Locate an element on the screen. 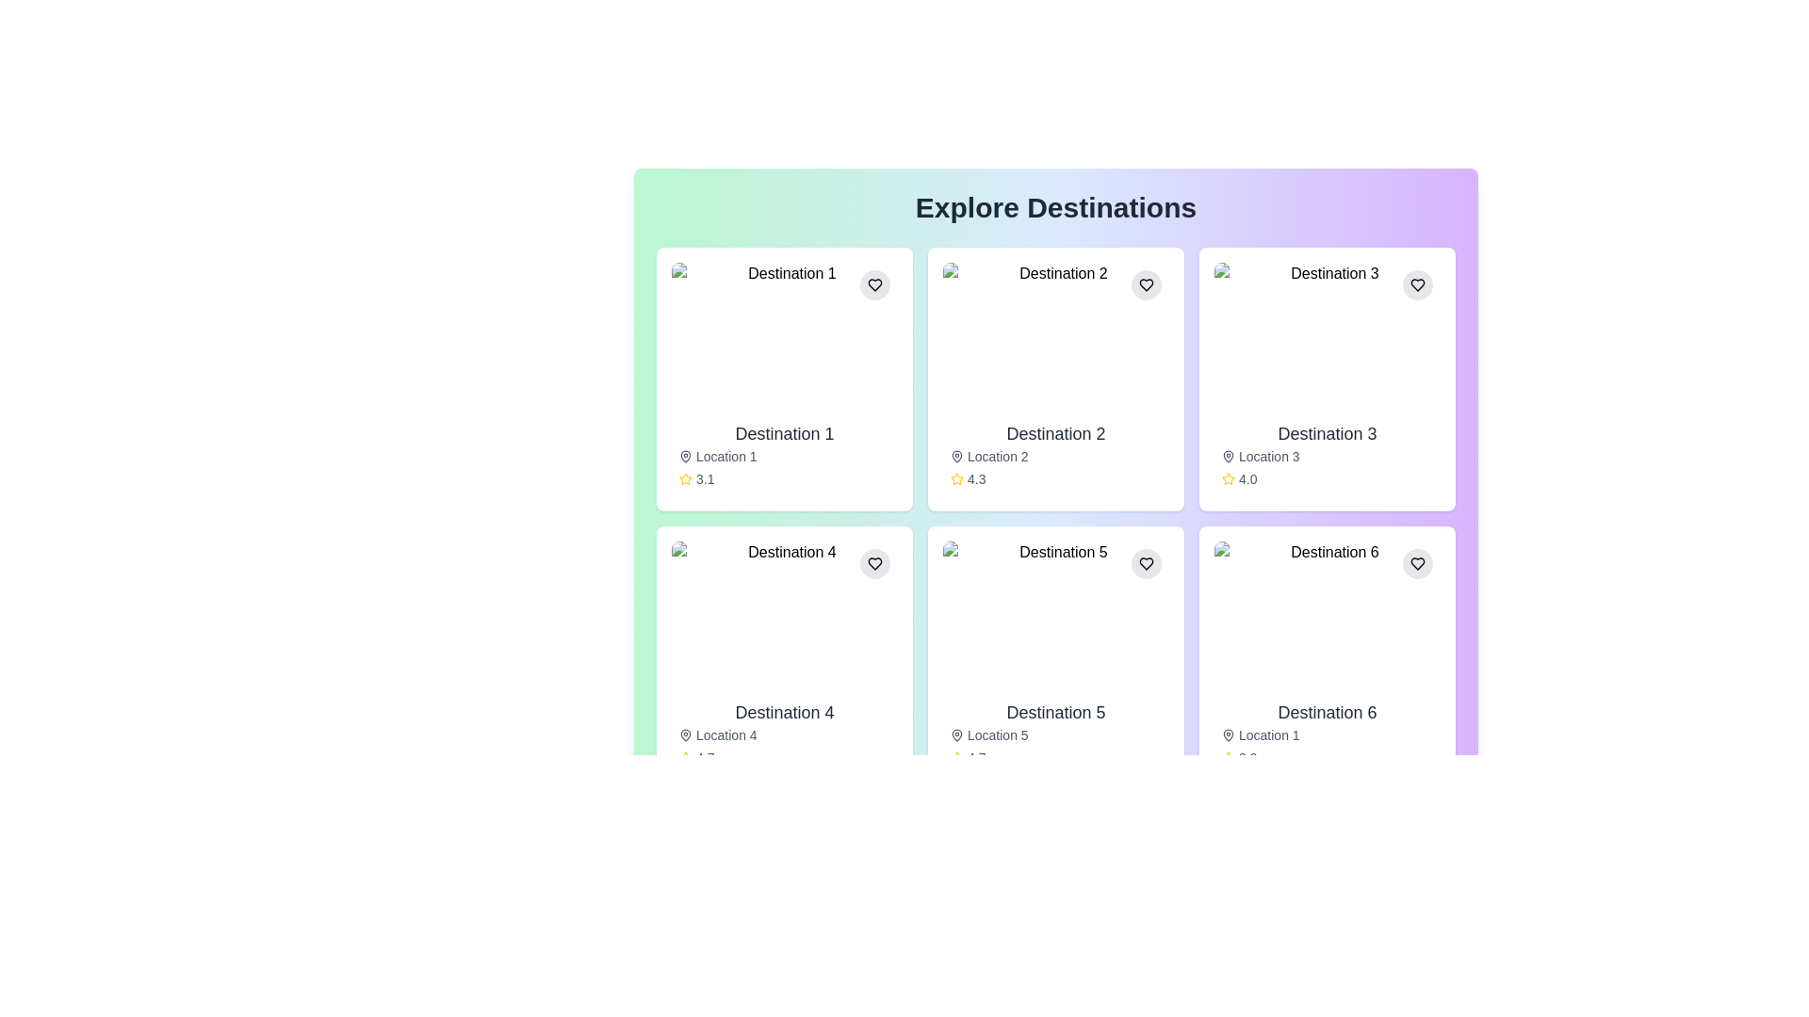  the rating icon located in the bottom section of the 'Destination 2' card is located at coordinates (957, 478).